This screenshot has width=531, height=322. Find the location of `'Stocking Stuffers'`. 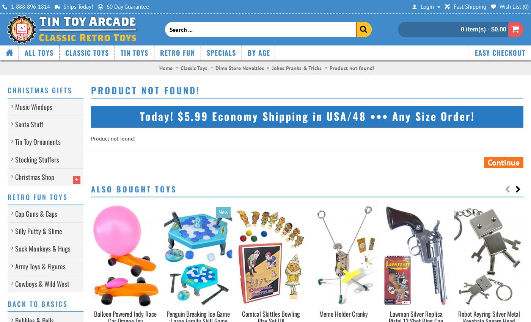

'Stocking Stuffers' is located at coordinates (15, 159).